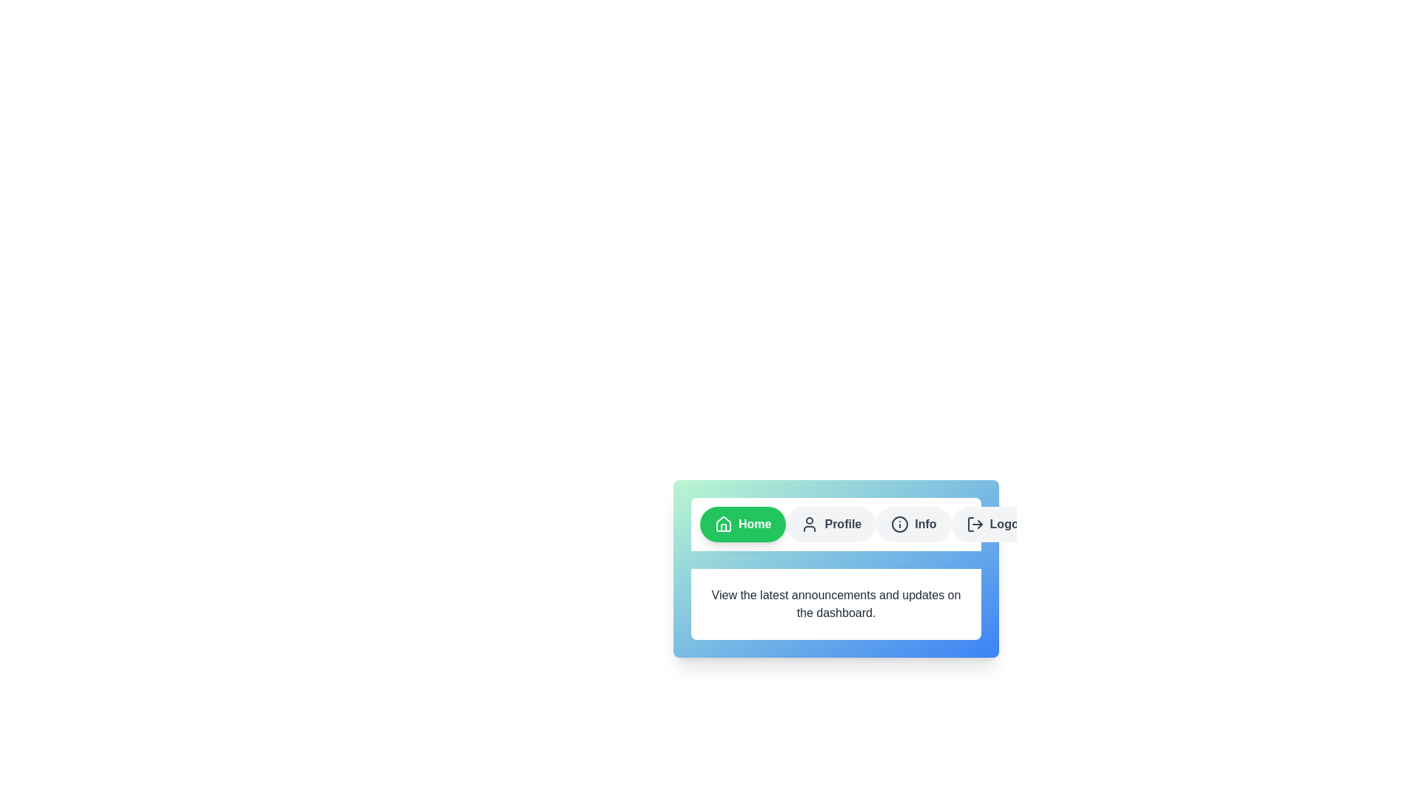 The image size is (1421, 799). Describe the element at coordinates (975, 524) in the screenshot. I see `the SVG icon representing the logout action, located in the upper middle section of the interface` at that location.